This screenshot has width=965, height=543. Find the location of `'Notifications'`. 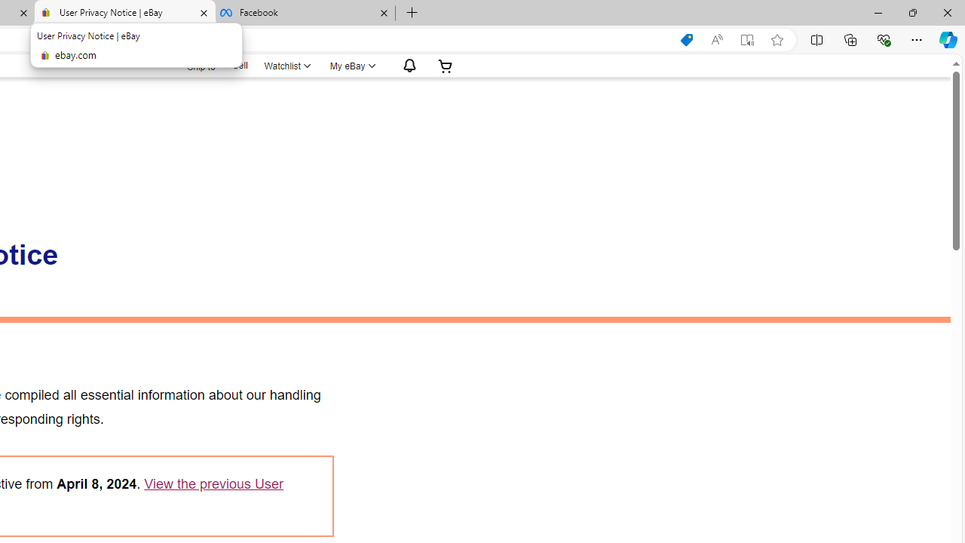

'Notifications' is located at coordinates (406, 65).